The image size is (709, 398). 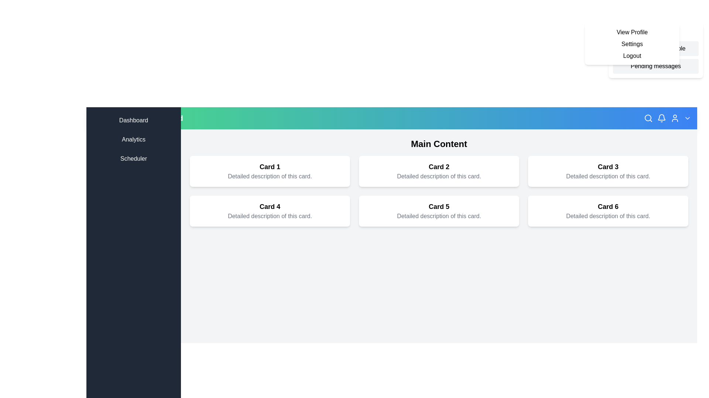 I want to click on the rectangular card with a white background and the title 'Card 6' located in the second row and third column of the grid layout, so click(x=608, y=211).